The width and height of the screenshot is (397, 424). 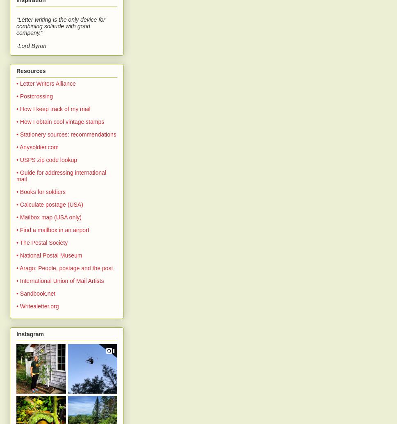 What do you see at coordinates (52, 230) in the screenshot?
I see `'• Find a mailbox in an airport'` at bounding box center [52, 230].